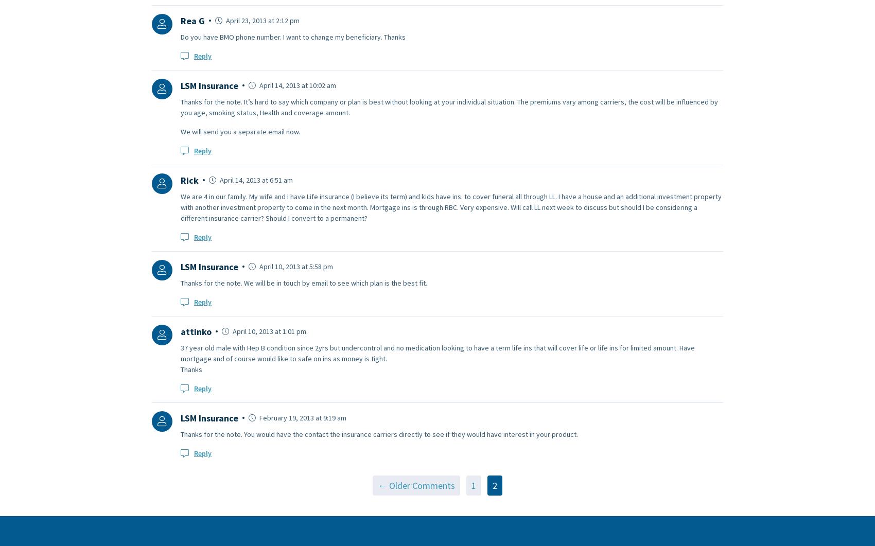 This screenshot has width=875, height=546. What do you see at coordinates (303, 281) in the screenshot?
I see `'Thanks for the note. We will be in touch by email to see which plan is the best fit.'` at bounding box center [303, 281].